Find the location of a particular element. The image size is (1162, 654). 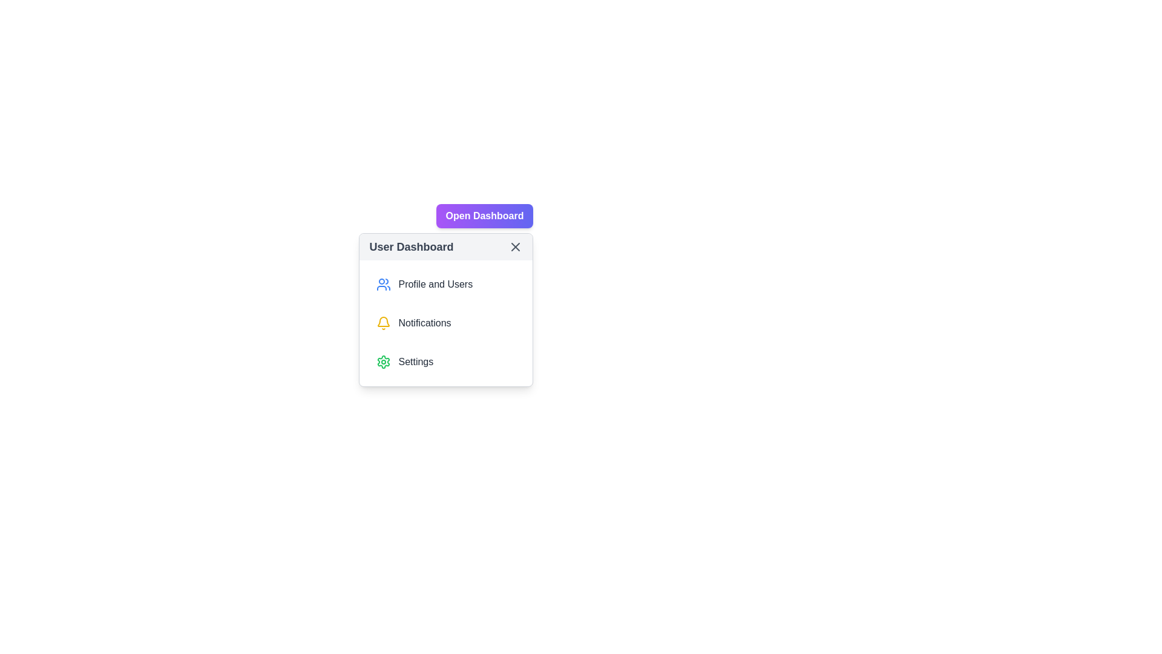

the close button located at the top right corner of the 'User Dashboard' is located at coordinates (516, 246).